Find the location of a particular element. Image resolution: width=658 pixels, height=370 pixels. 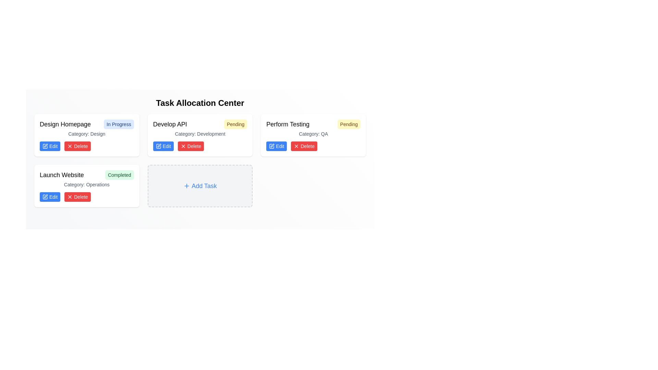

the informational label indicating the category of the task, which is QA, located in the 'Perform Testing' task card, directly below the task's title and status indicators, and above the action buttons (Edit and Delete) is located at coordinates (313, 134).